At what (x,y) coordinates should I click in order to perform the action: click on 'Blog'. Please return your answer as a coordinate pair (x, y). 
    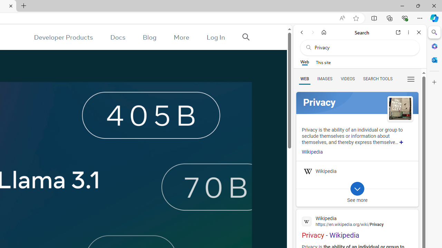
    Looking at the image, I should click on (149, 37).